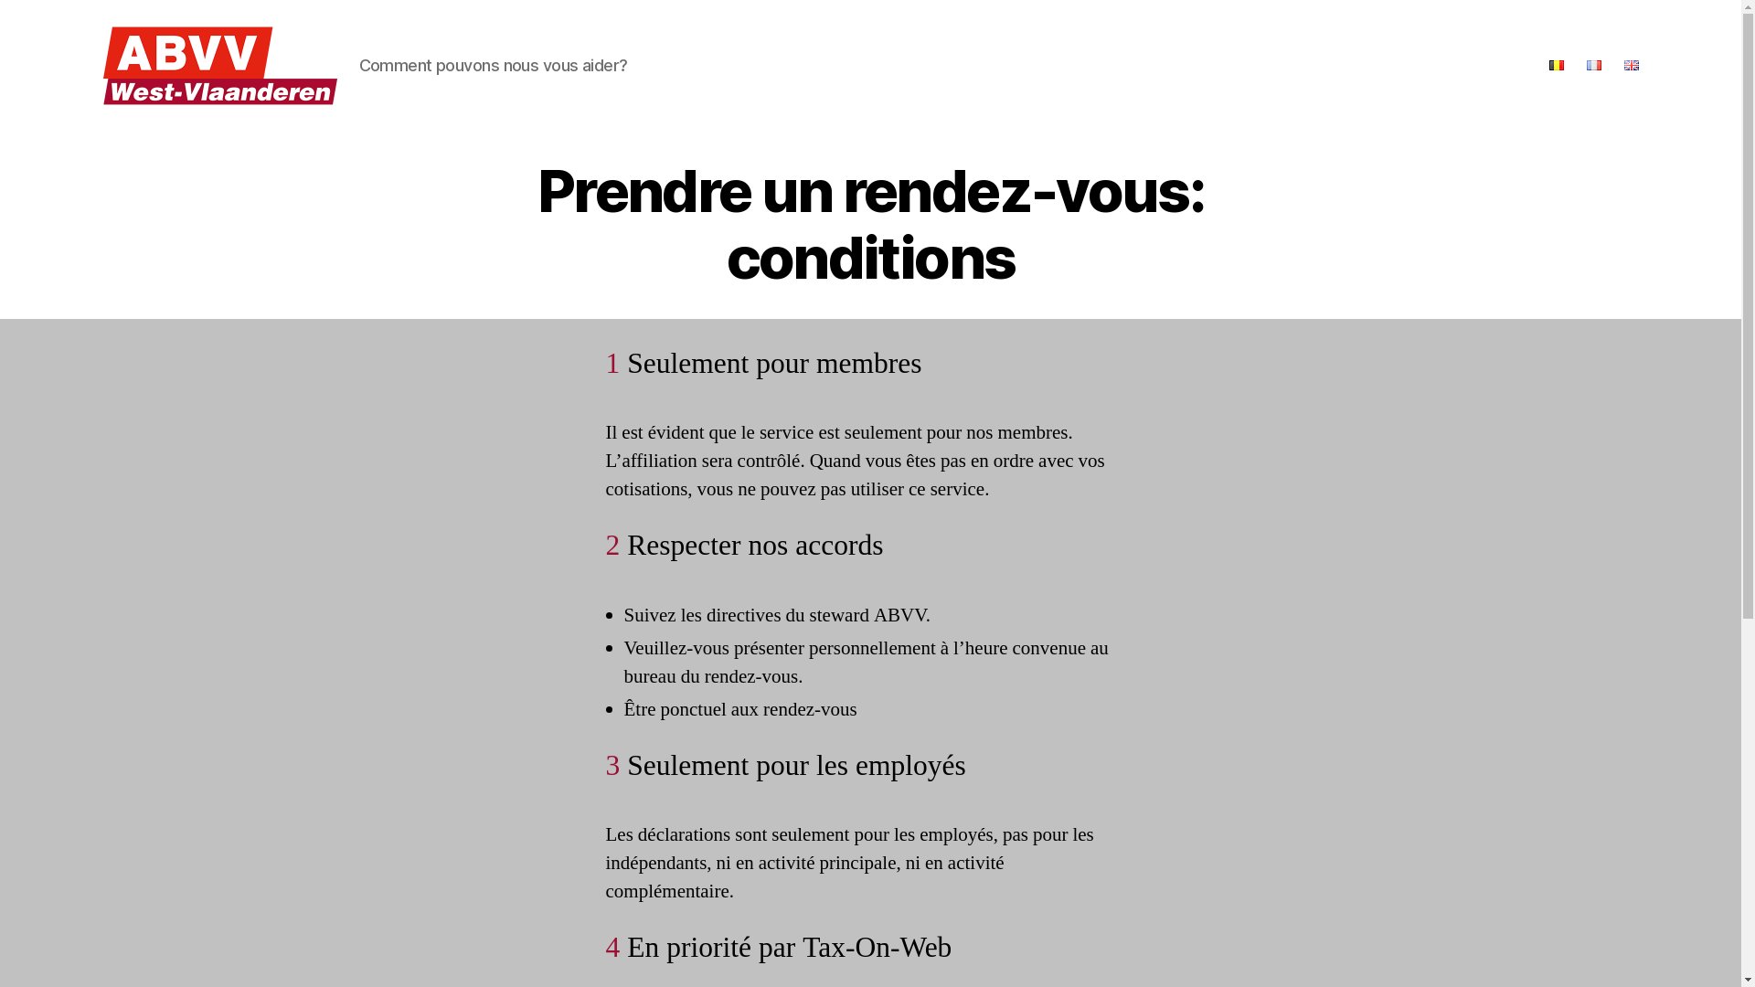 This screenshot has height=987, width=1755. I want to click on 'Nederlands', so click(1555, 64).